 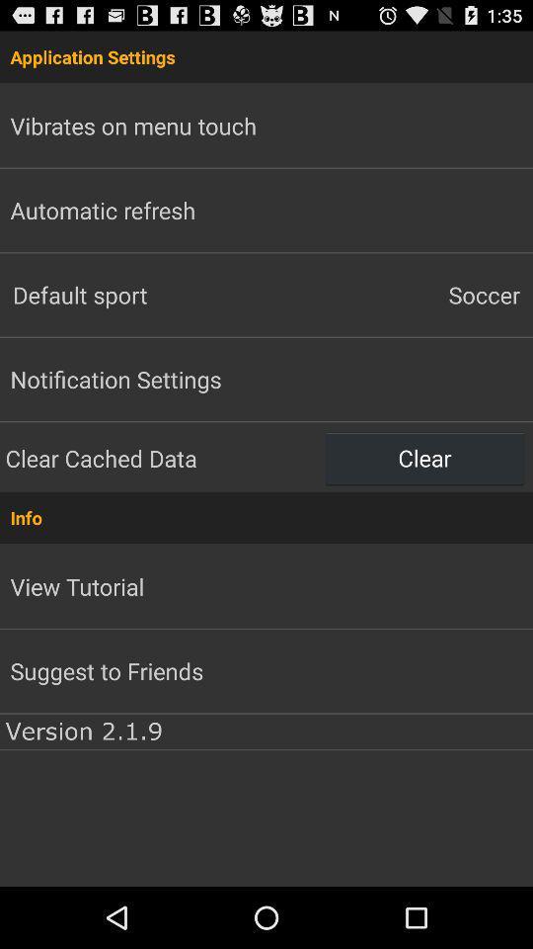 What do you see at coordinates (400, 294) in the screenshot?
I see `item below application settings` at bounding box center [400, 294].